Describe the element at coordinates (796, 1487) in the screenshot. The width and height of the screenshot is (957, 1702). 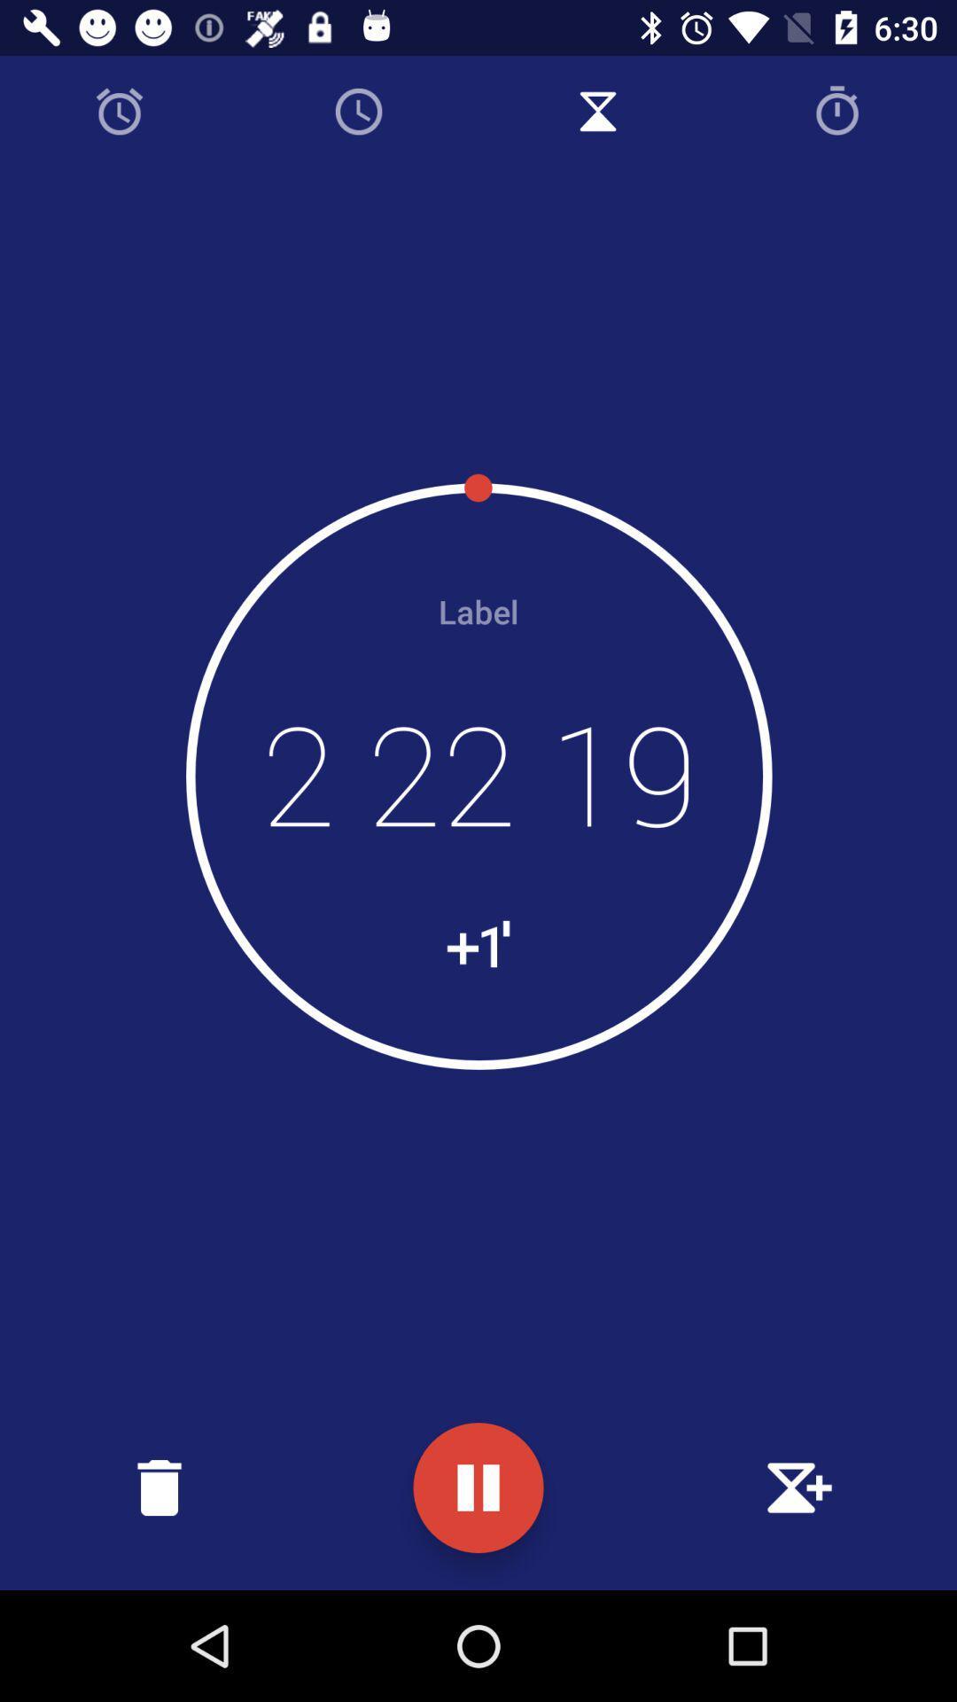
I see `icon at the bottom right corner` at that location.